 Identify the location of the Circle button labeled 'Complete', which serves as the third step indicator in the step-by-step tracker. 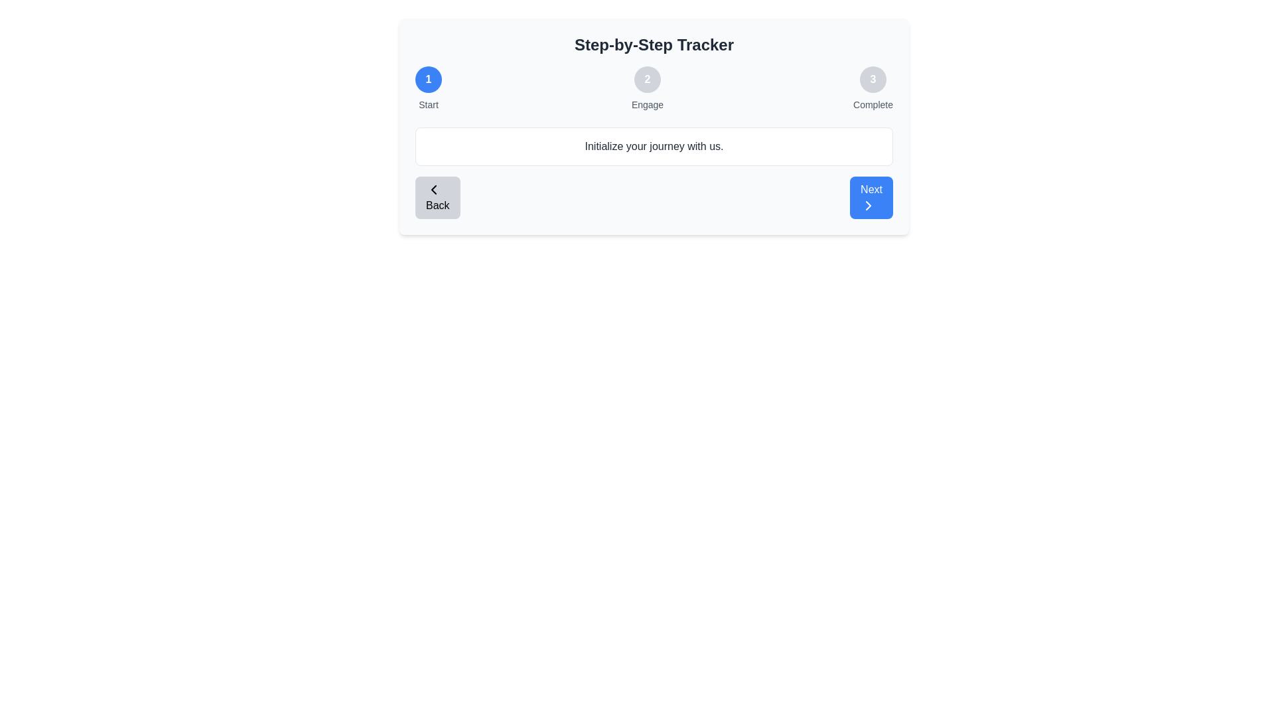
(873, 79).